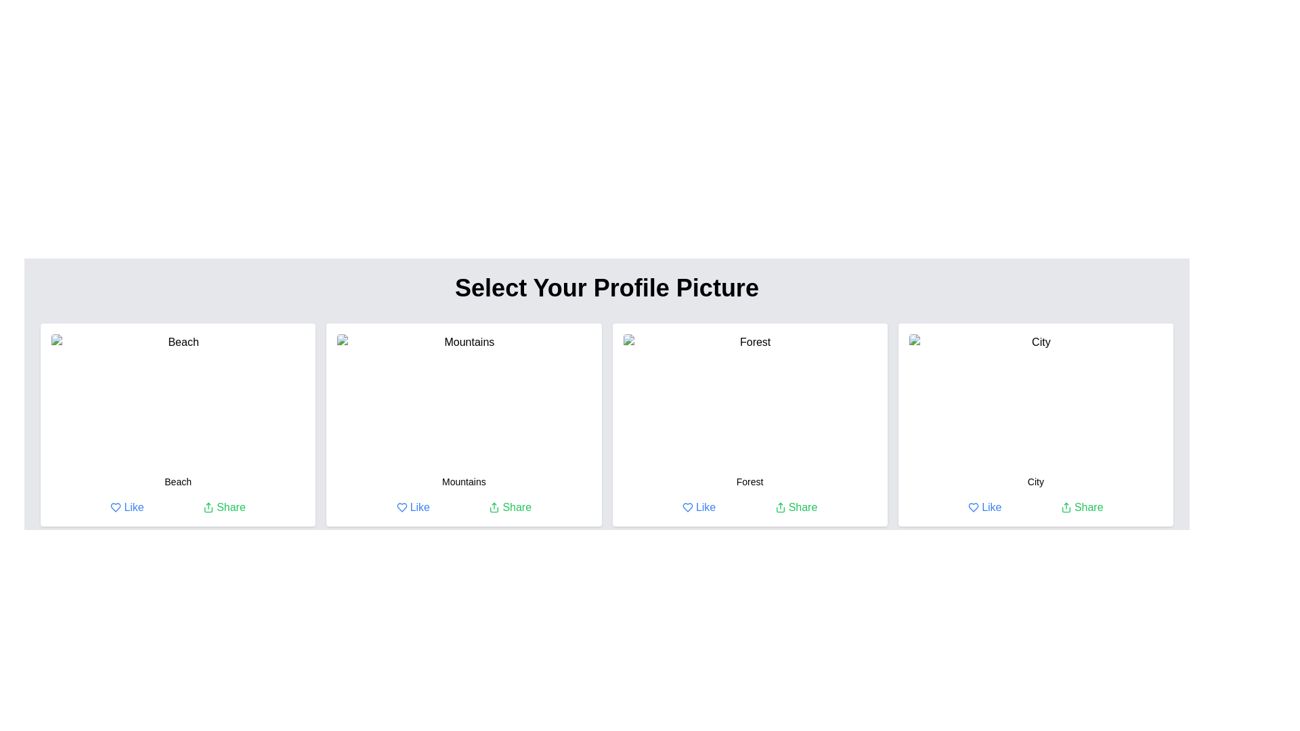 The width and height of the screenshot is (1300, 731). I want to click on the 'Like' button in the Interactive Toolbar located under the 'Forest' card to like the content, so click(749, 507).